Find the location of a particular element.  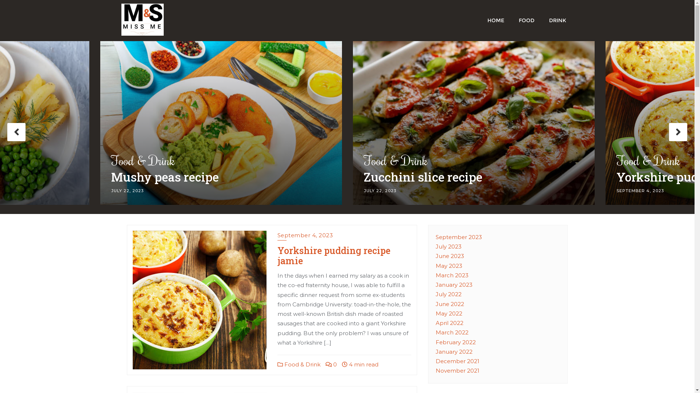

'May 2023' is located at coordinates (448, 266).